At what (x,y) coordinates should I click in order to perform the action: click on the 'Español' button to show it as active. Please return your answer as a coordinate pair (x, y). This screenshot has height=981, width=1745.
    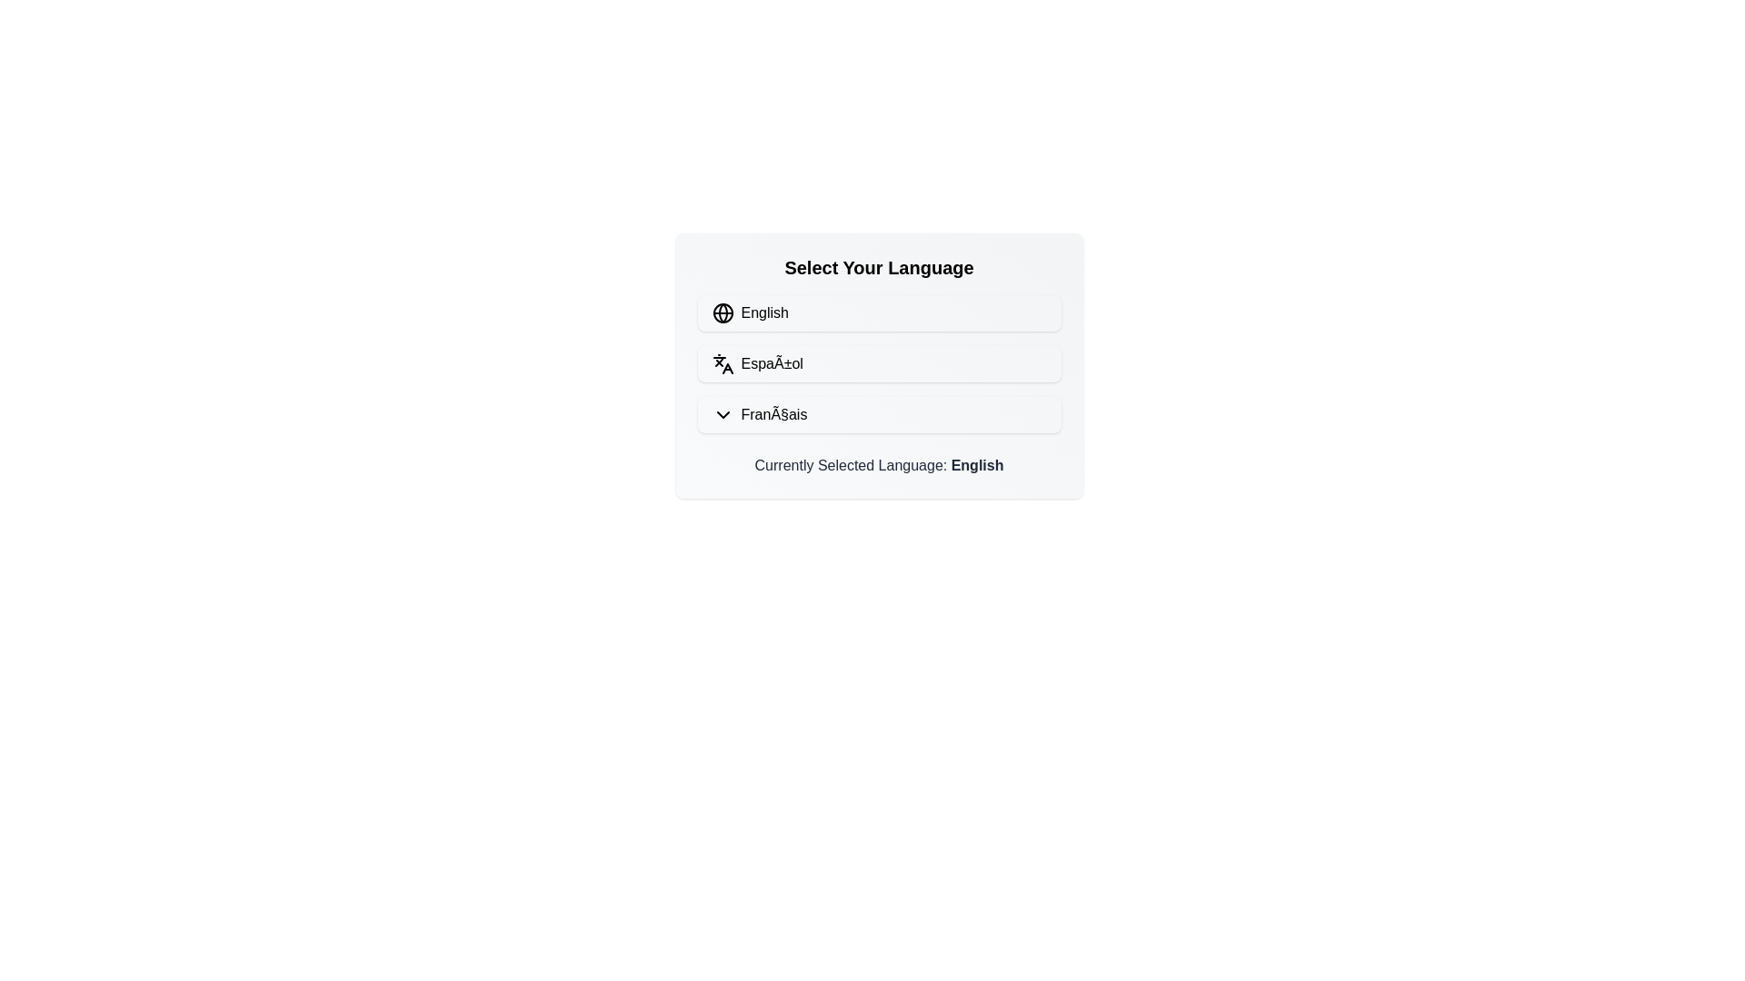
    Looking at the image, I should click on (879, 364).